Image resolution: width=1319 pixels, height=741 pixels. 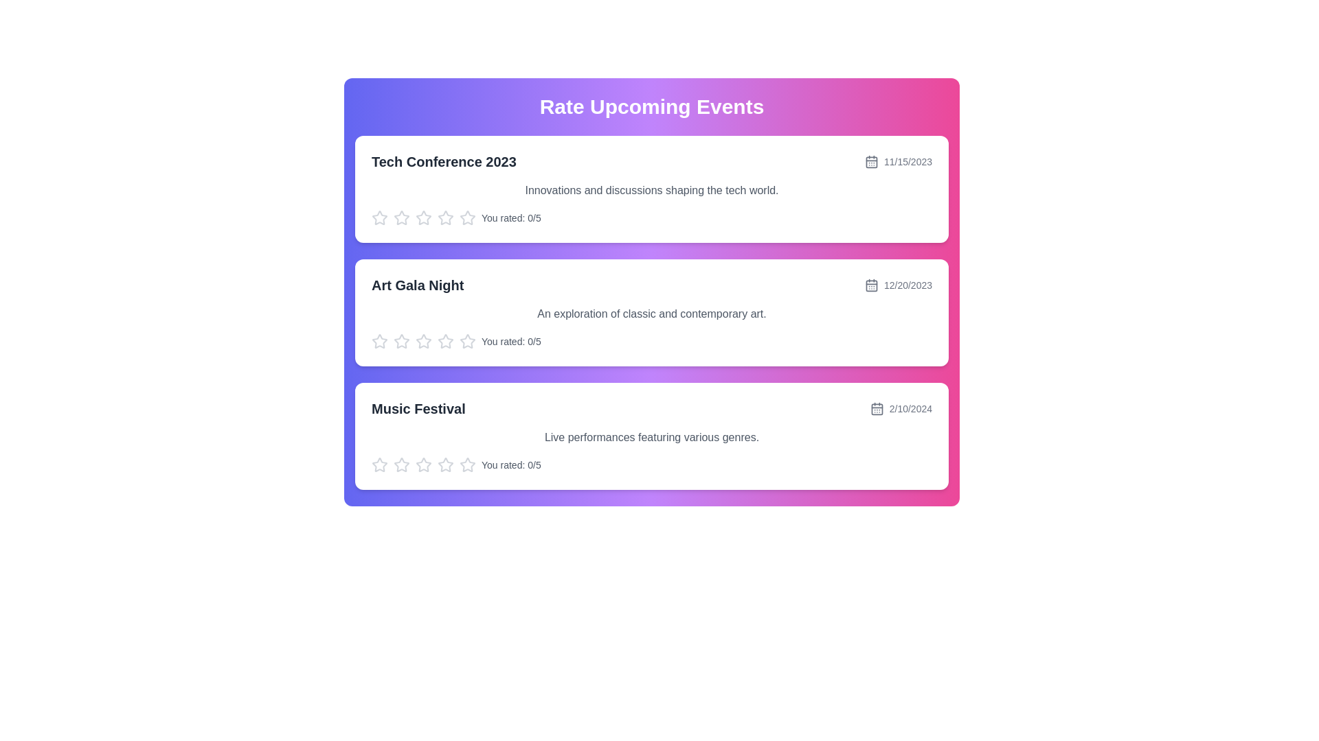 I want to click on the fourth star-shaped rating icon, which is grayish with a thin outline, located under the 'Art Gala Night' title, so click(x=423, y=340).